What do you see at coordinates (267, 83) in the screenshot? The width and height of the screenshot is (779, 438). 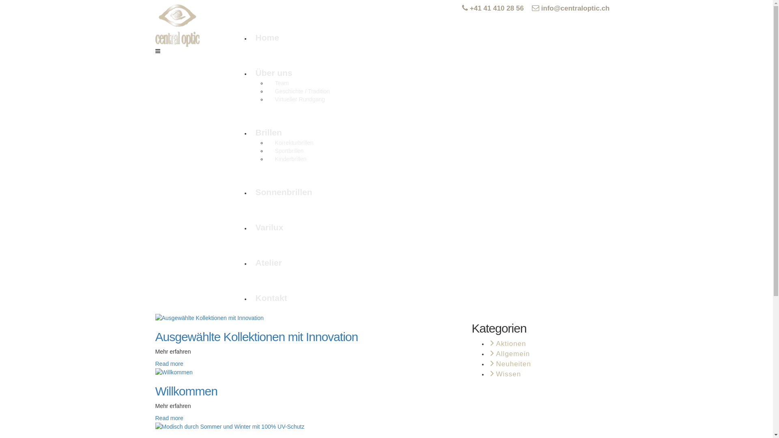 I see `'Team'` at bounding box center [267, 83].